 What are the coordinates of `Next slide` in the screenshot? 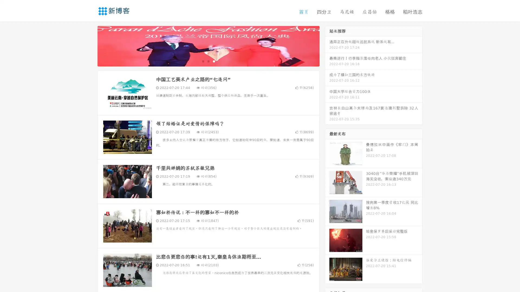 It's located at (327, 45).